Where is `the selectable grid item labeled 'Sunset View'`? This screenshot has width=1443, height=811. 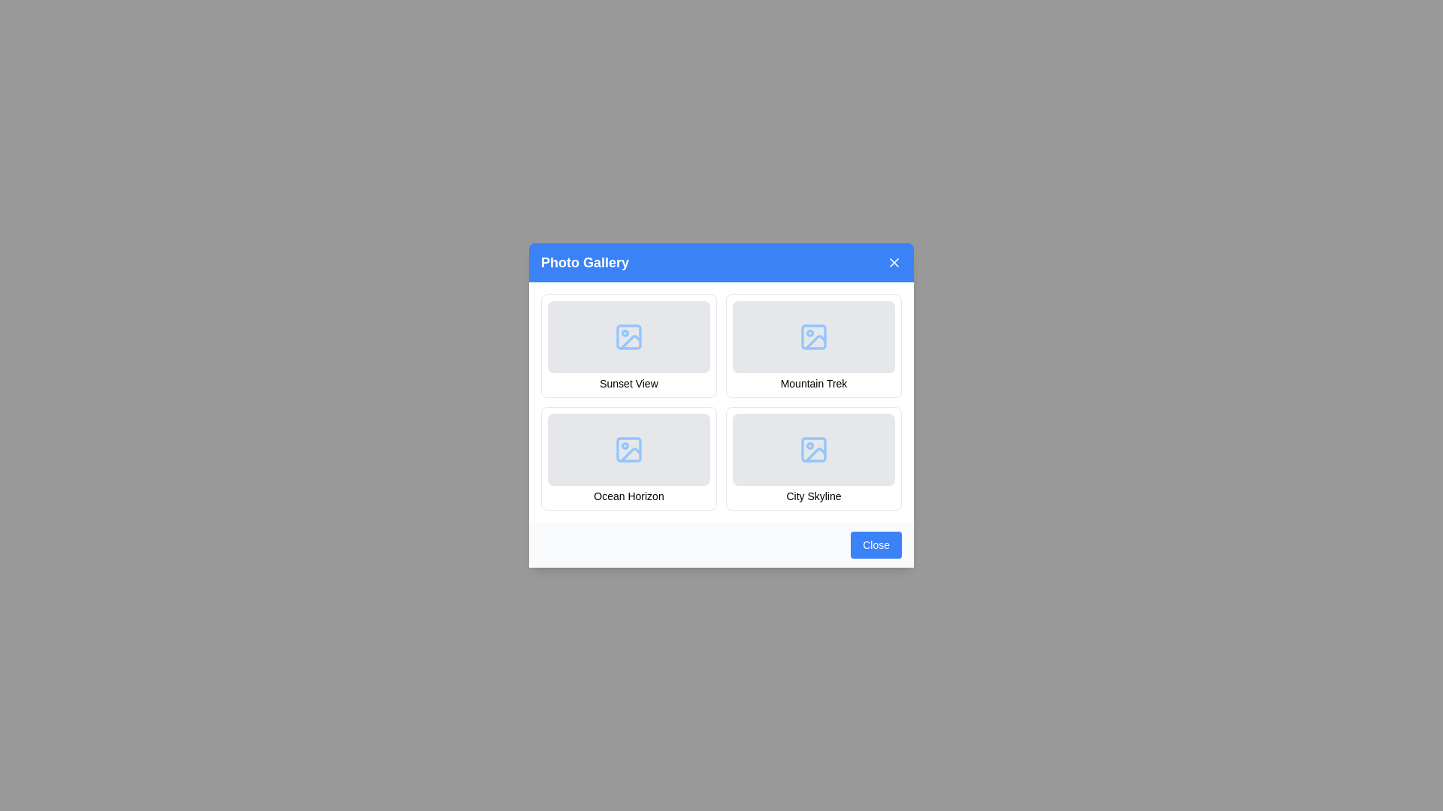 the selectable grid item labeled 'Sunset View' is located at coordinates (628, 346).